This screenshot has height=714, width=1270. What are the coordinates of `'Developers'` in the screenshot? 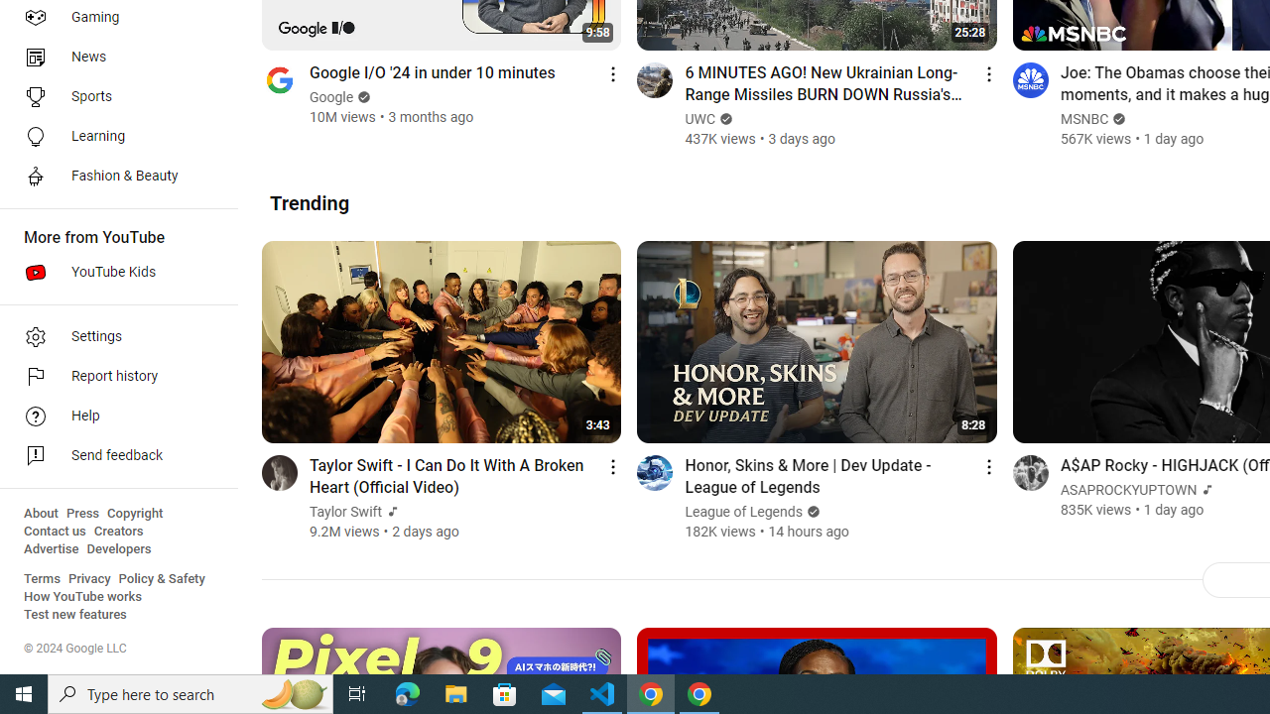 It's located at (118, 549).